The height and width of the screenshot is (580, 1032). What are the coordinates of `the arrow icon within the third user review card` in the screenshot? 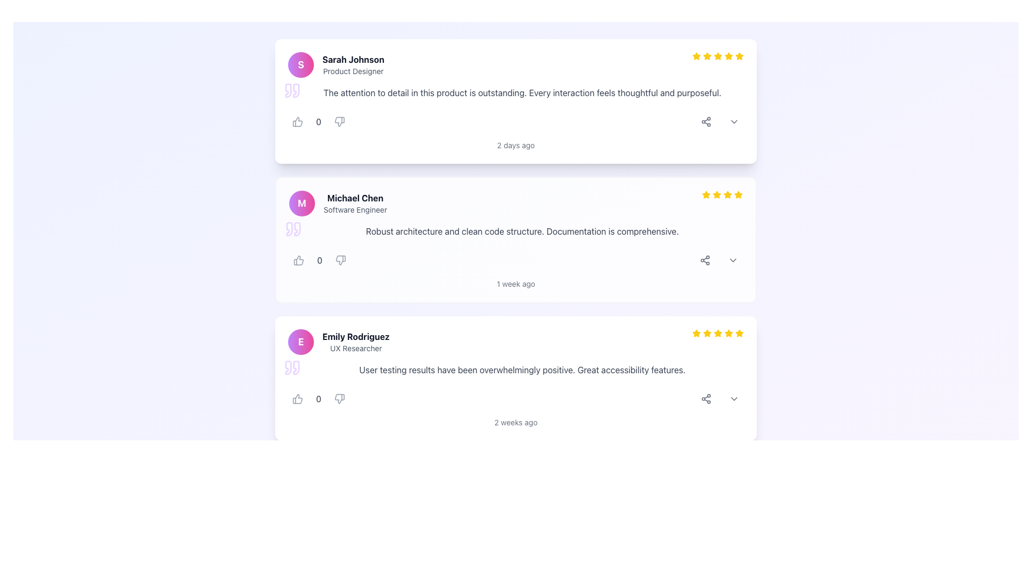 It's located at (734, 399).